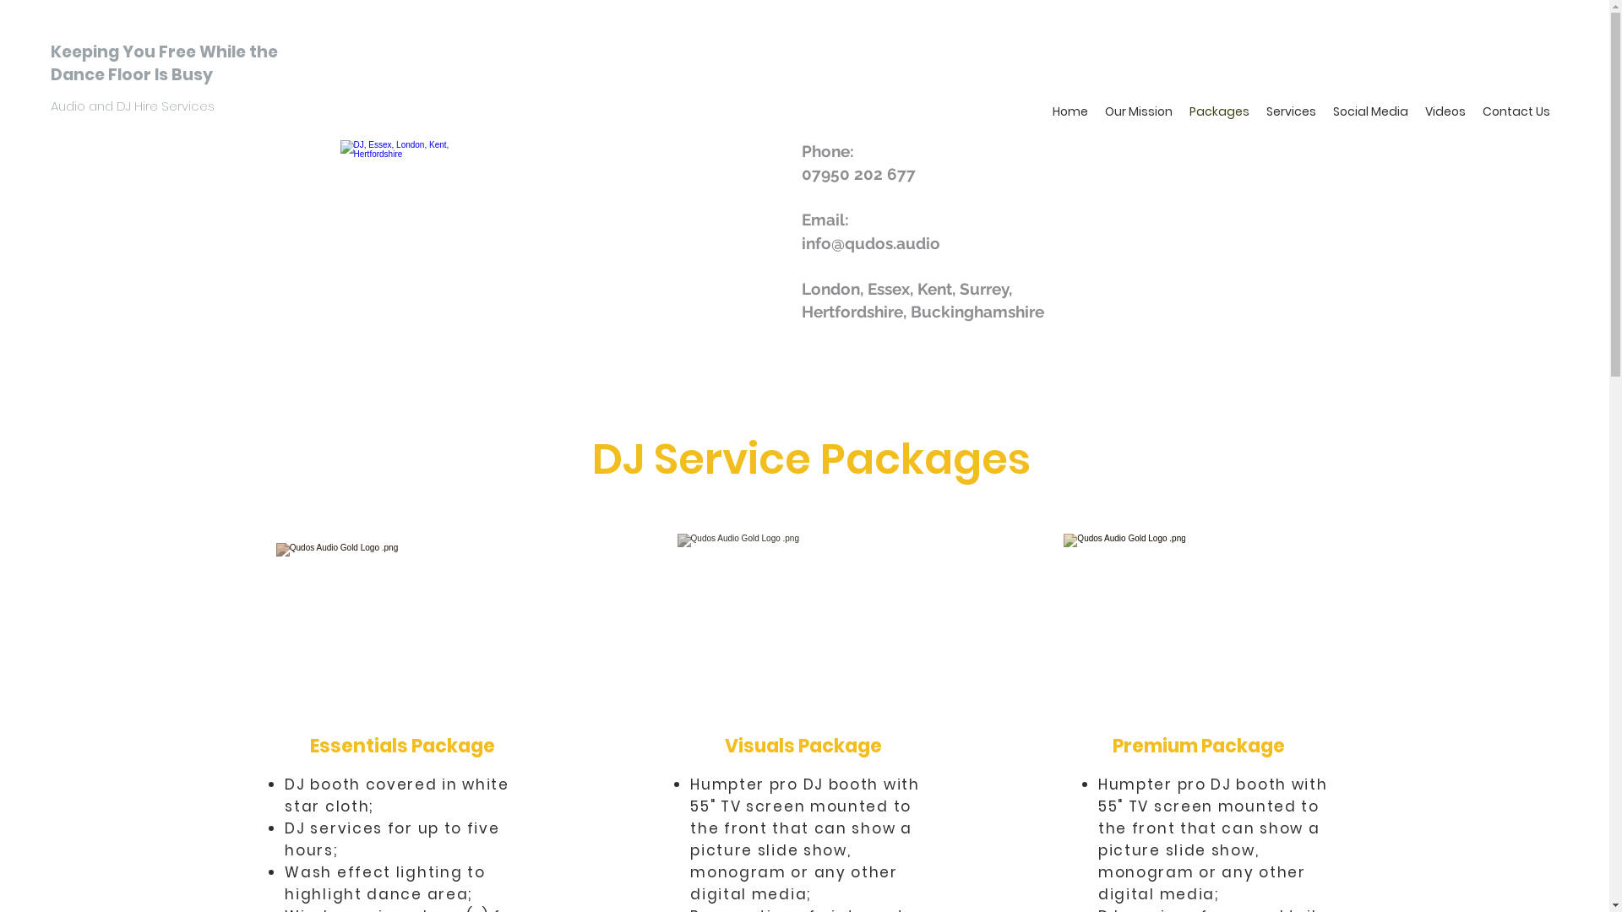  I want to click on 'Packages', so click(1219, 111).